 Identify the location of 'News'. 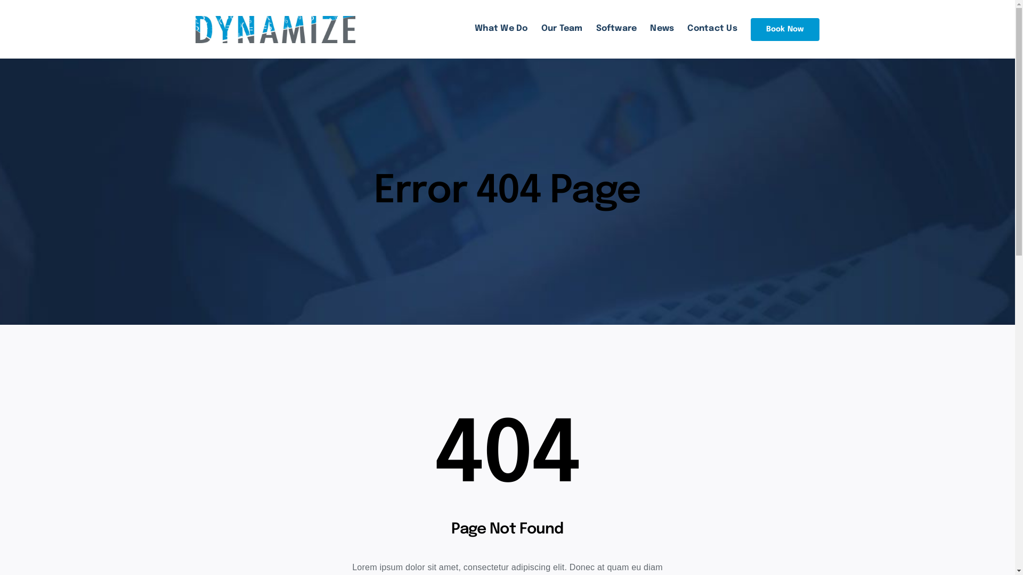
(661, 28).